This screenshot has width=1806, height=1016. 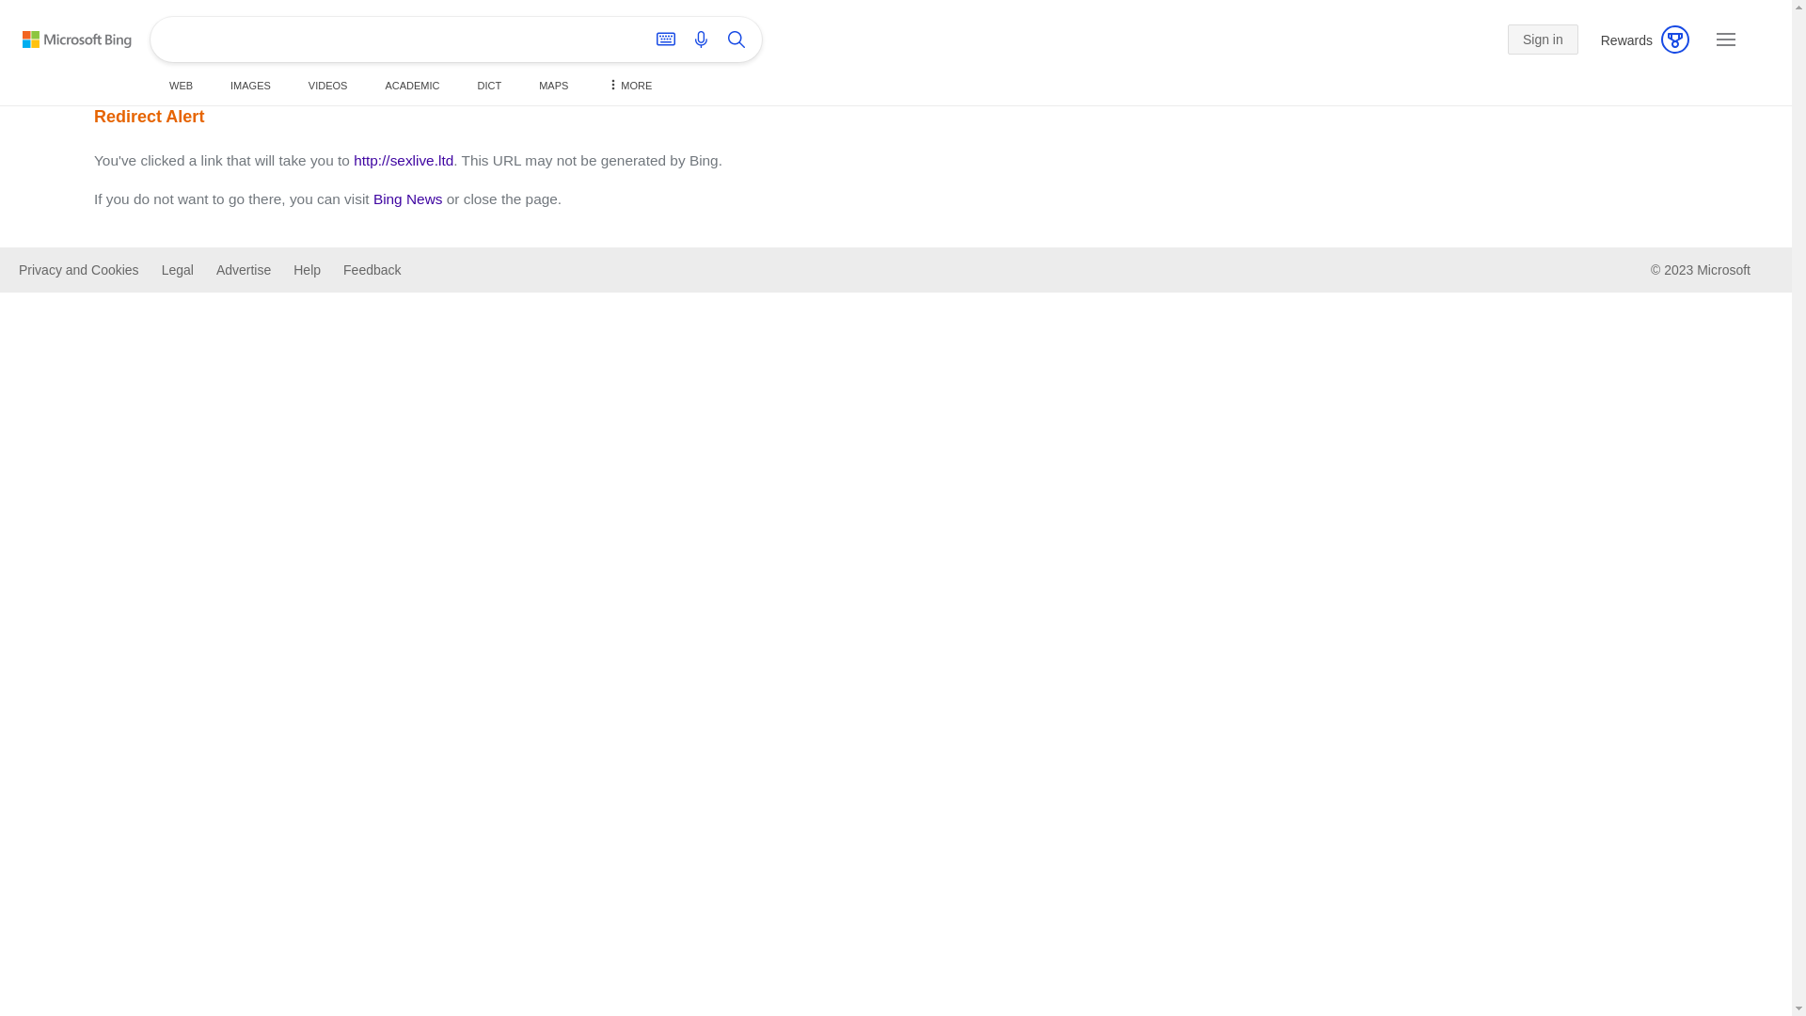 I want to click on 'MAPS', so click(x=552, y=86).